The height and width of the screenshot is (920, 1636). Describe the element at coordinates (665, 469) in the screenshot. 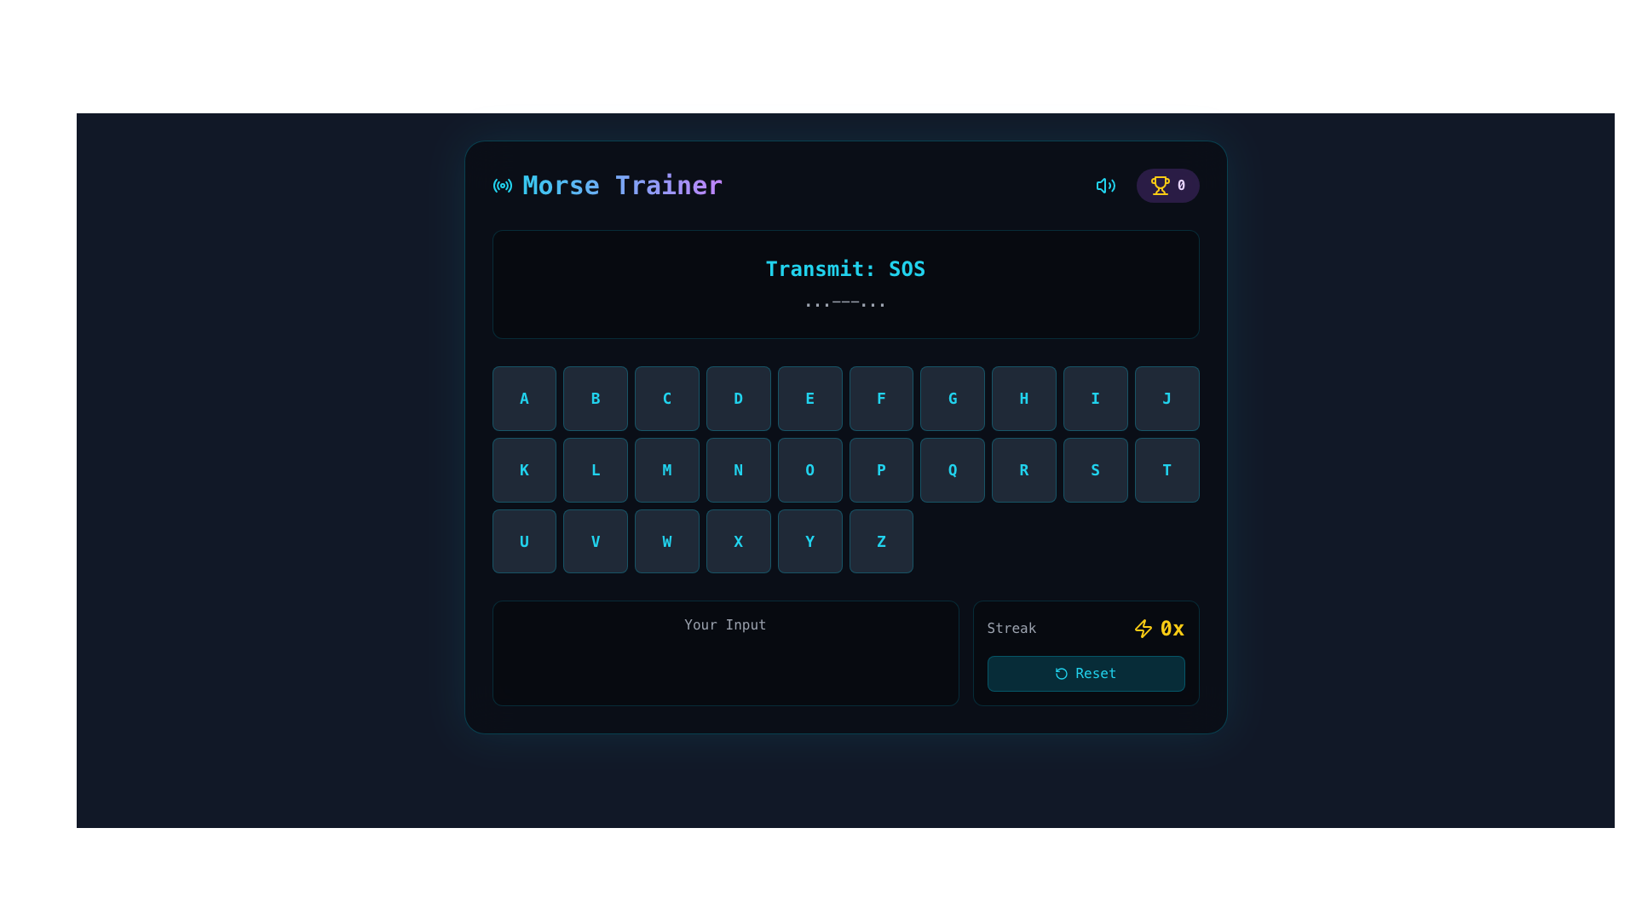

I see `the interactive button for selecting the letter 'M' in the Morse code input grid` at that location.